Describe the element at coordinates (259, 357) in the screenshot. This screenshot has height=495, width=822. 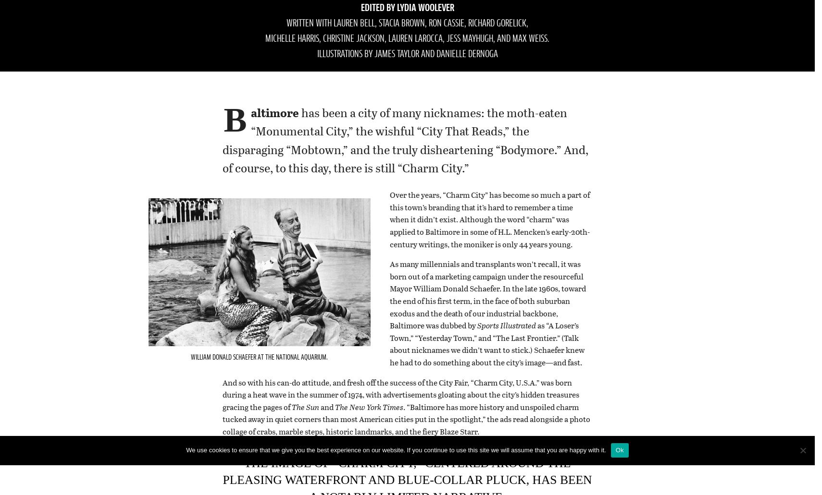
I see `'William Donald Schaefer at the National Aquarium.'` at that location.